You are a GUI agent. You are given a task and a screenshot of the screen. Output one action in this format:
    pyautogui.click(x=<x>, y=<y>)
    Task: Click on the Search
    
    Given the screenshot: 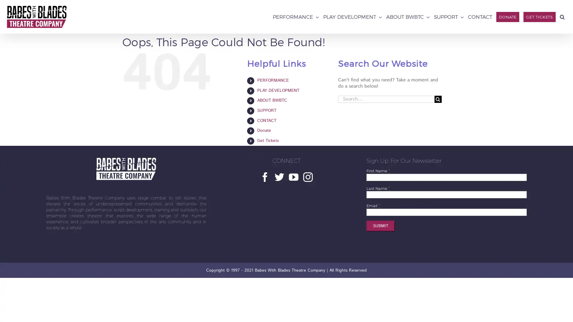 What is the action you would take?
    pyautogui.click(x=438, y=98)
    